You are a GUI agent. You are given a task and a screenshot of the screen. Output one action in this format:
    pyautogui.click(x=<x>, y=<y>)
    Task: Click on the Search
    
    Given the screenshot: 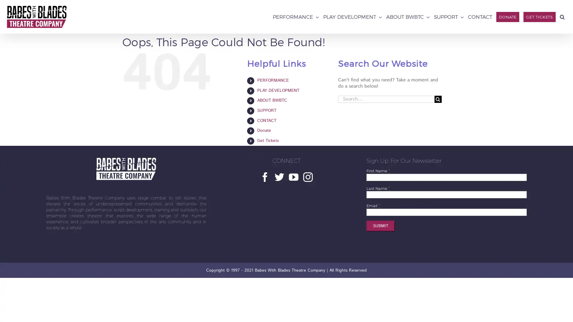 What is the action you would take?
    pyautogui.click(x=438, y=98)
    